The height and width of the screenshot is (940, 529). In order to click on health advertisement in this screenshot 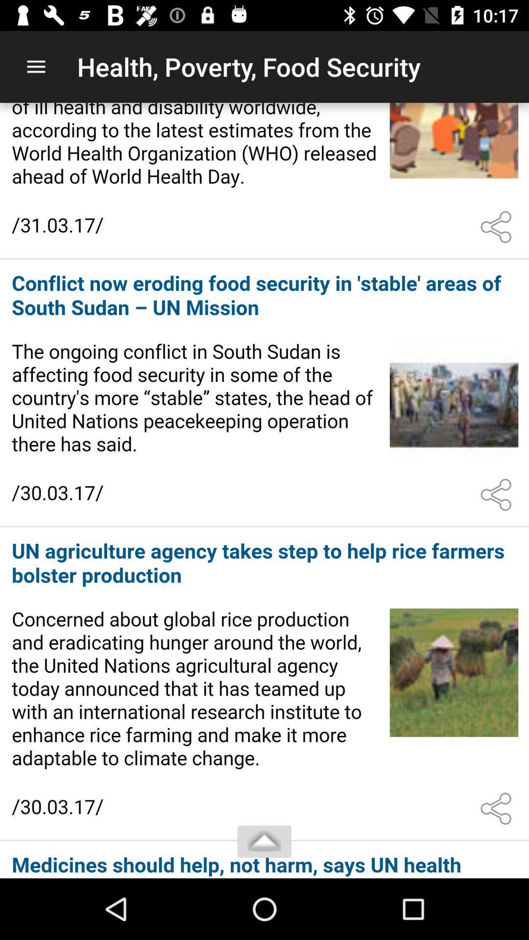, I will do `click(264, 180)`.